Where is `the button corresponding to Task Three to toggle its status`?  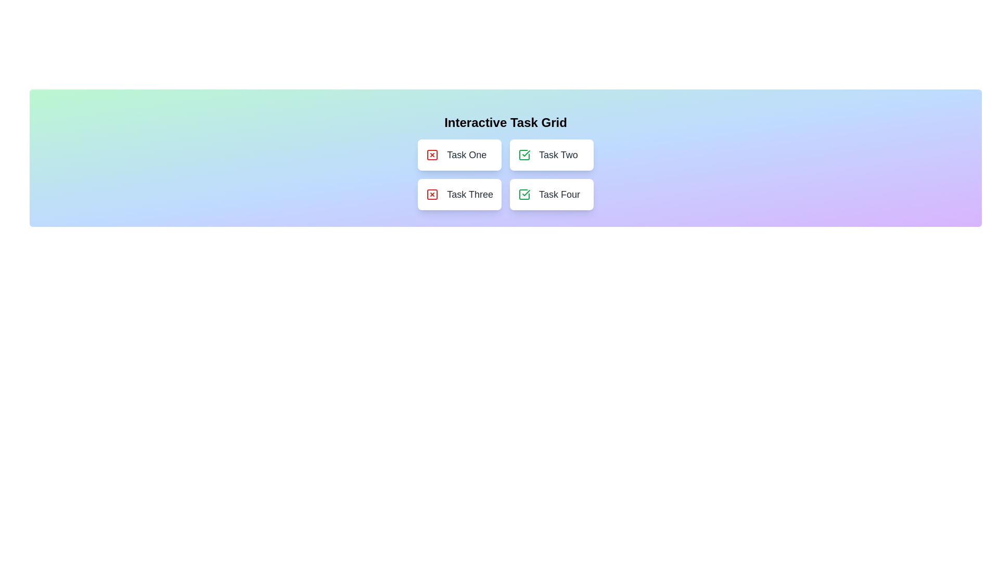 the button corresponding to Task Three to toggle its status is located at coordinates (459, 195).